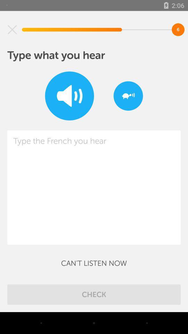  What do you see at coordinates (94, 263) in the screenshot?
I see `the can t listen icon` at bounding box center [94, 263].